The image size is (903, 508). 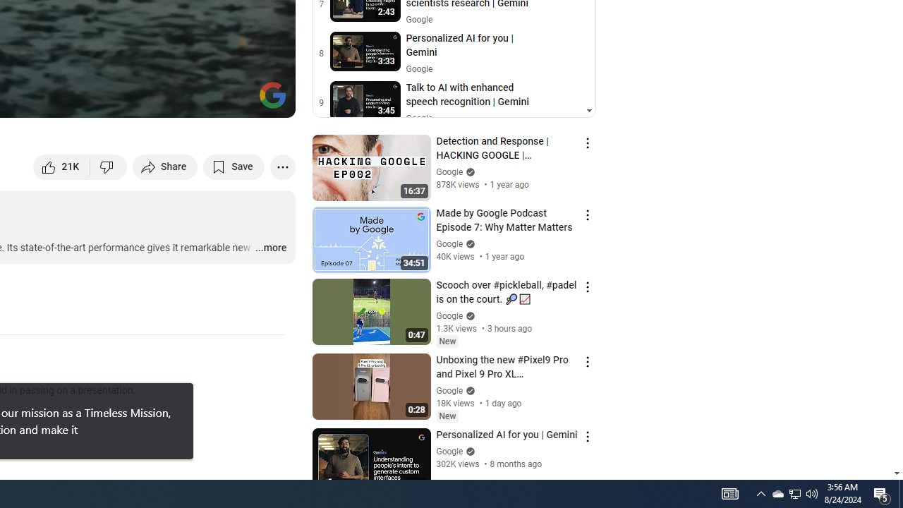 What do you see at coordinates (165, 166) in the screenshot?
I see `'Share'` at bounding box center [165, 166].